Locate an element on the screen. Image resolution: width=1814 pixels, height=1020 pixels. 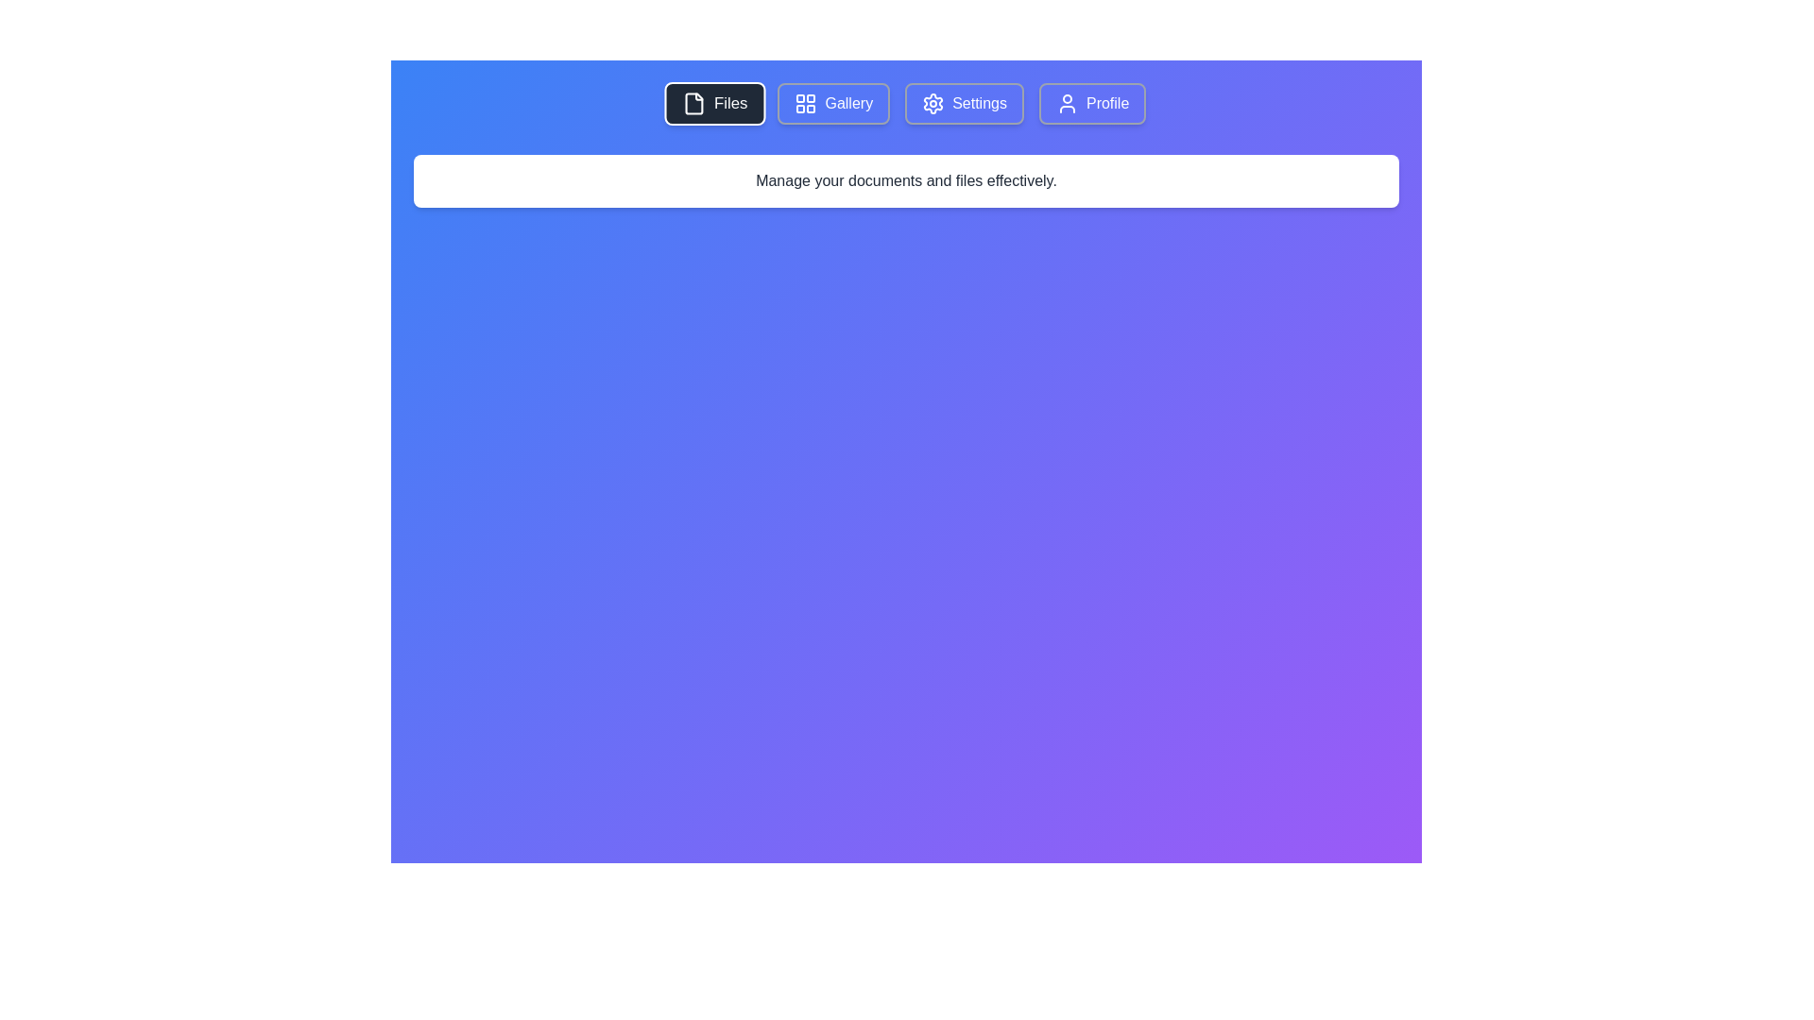
the 'Gallery' button, which is a rectangular button with a blue background and white text, located to the right of the 'Files' button in the navigation bar is located at coordinates (832, 104).